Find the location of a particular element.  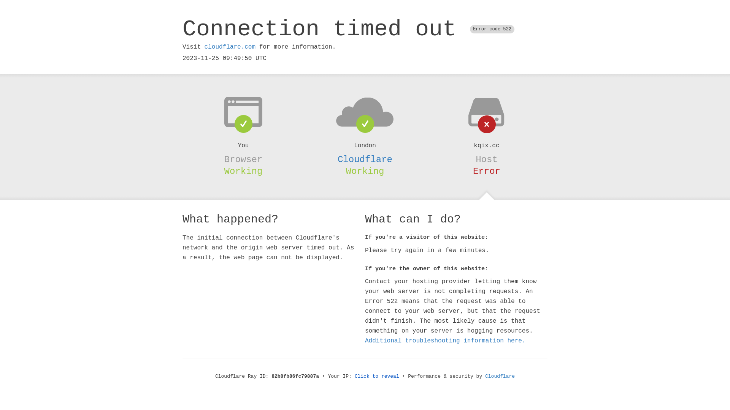

'Click to reveal' is located at coordinates (377, 376).